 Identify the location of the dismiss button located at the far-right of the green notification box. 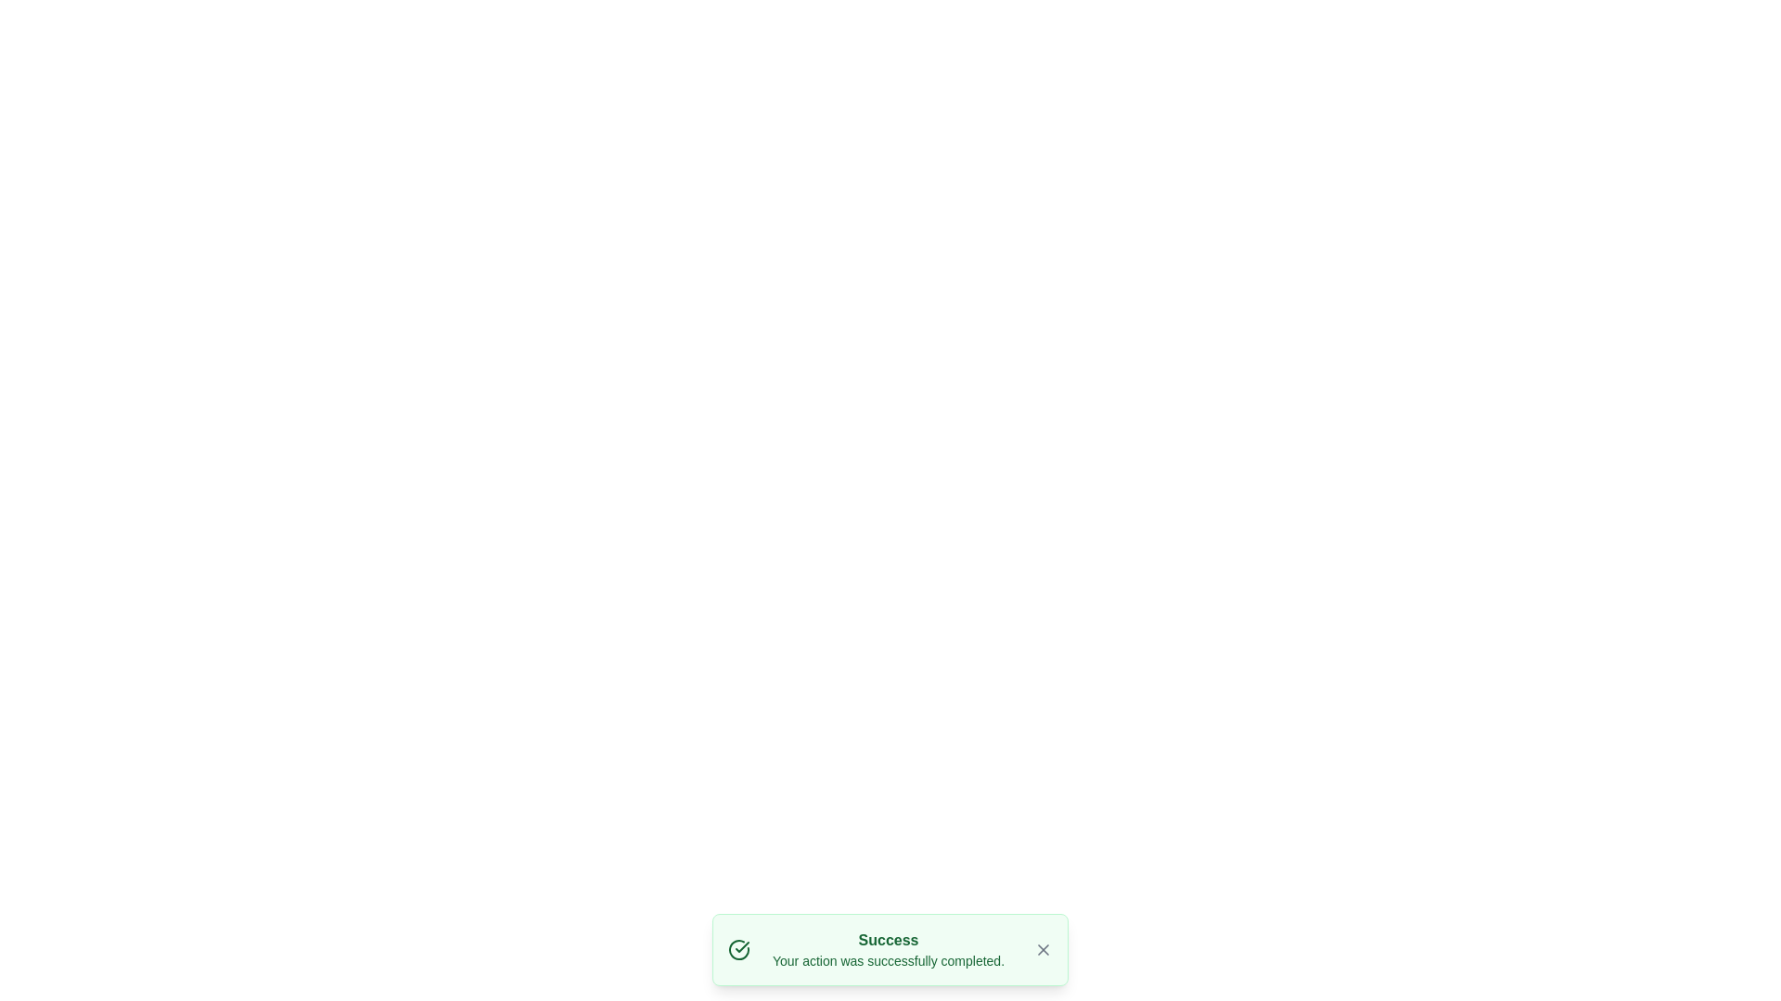
(1043, 950).